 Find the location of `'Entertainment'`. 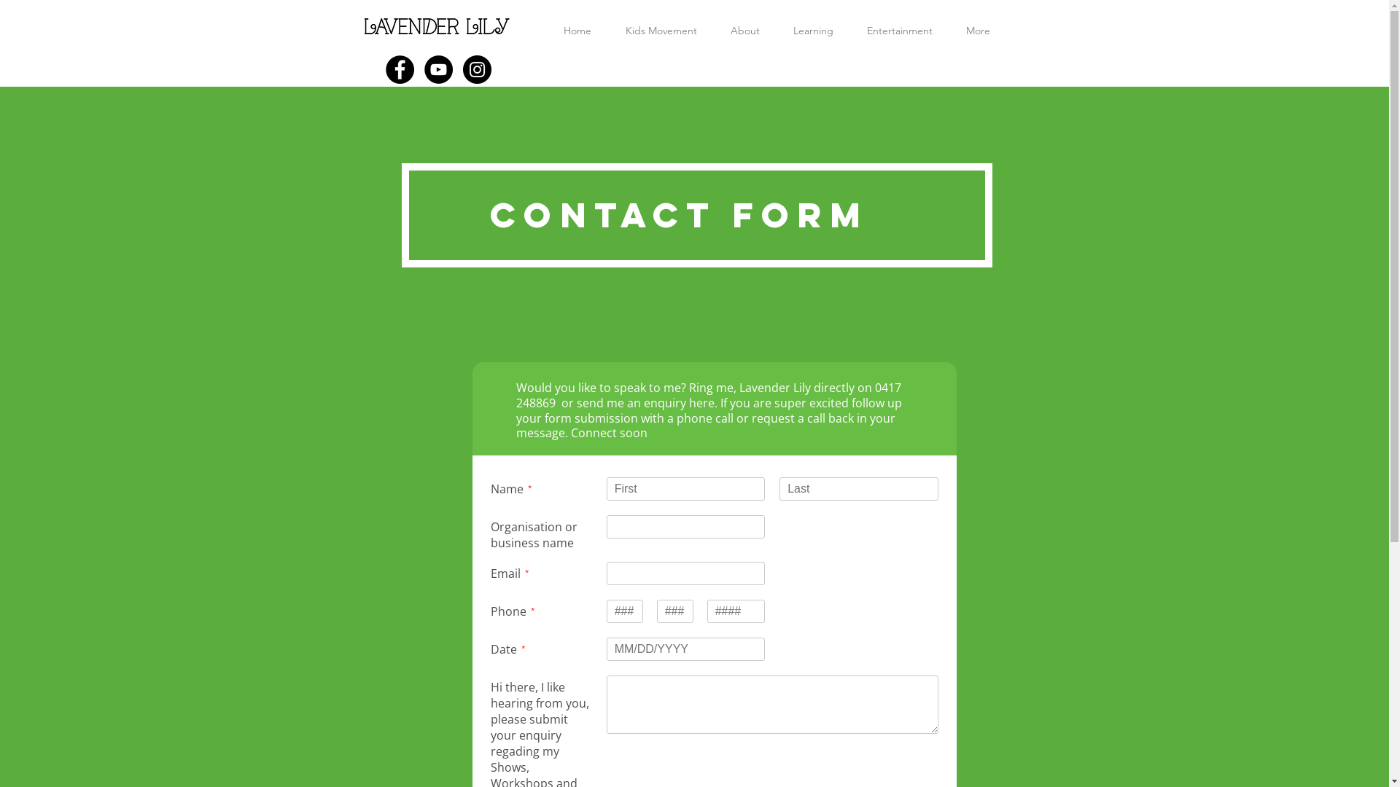

'Entertainment' is located at coordinates (850, 31).